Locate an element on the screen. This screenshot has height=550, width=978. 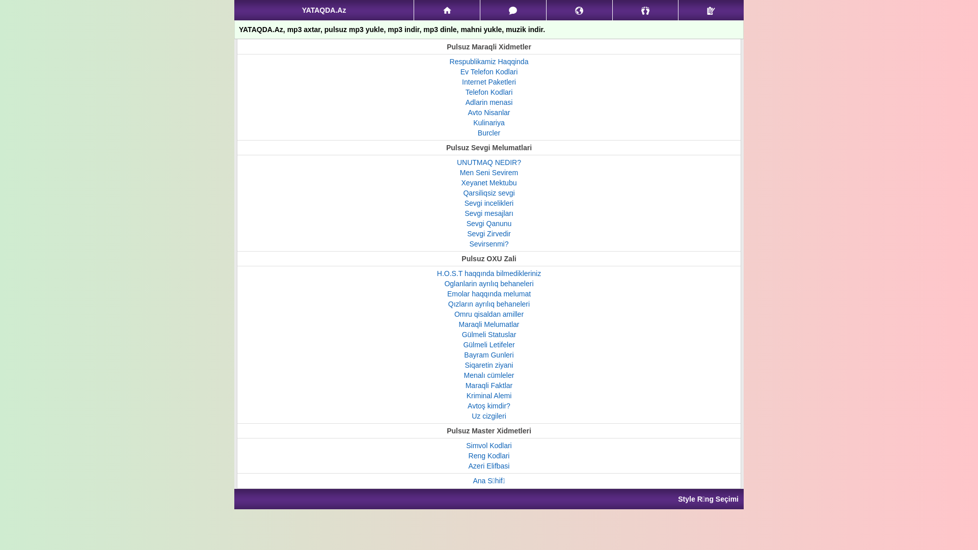
'Uz cizgileri' is located at coordinates (489, 416).